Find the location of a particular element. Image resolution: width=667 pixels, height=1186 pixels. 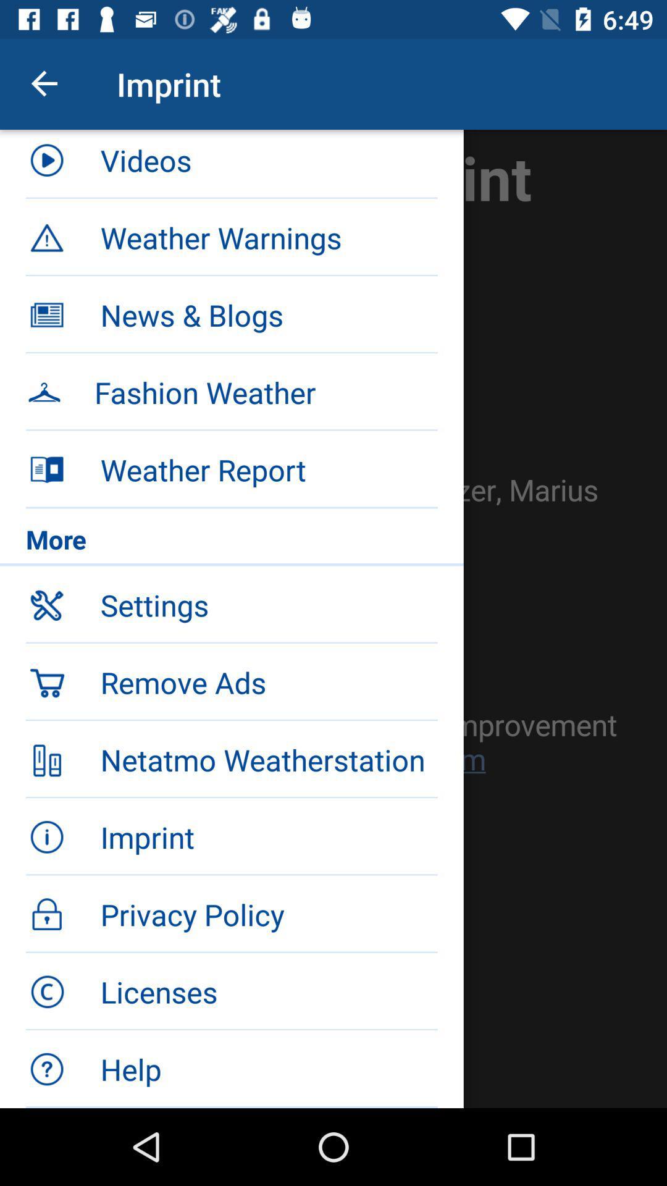

alerts of extreme weather is located at coordinates (333, 619).